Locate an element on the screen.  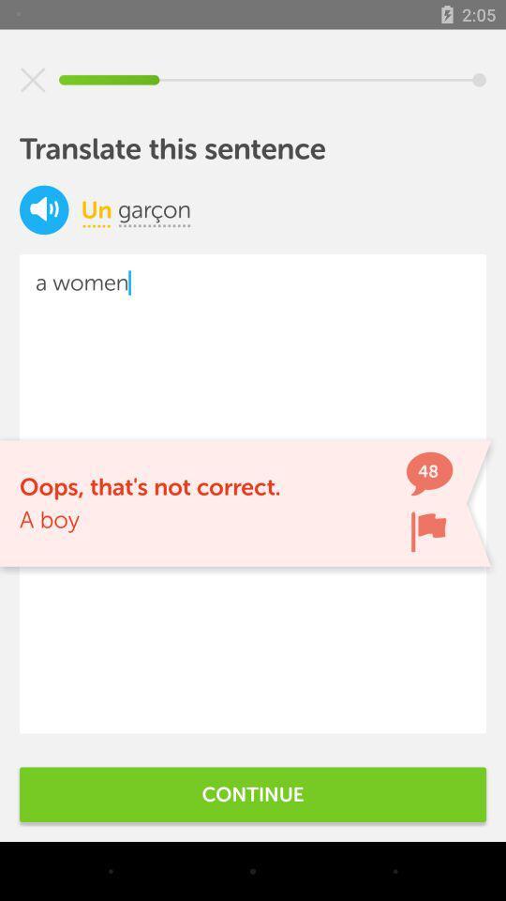
the item next to the is located at coordinates (97, 209).